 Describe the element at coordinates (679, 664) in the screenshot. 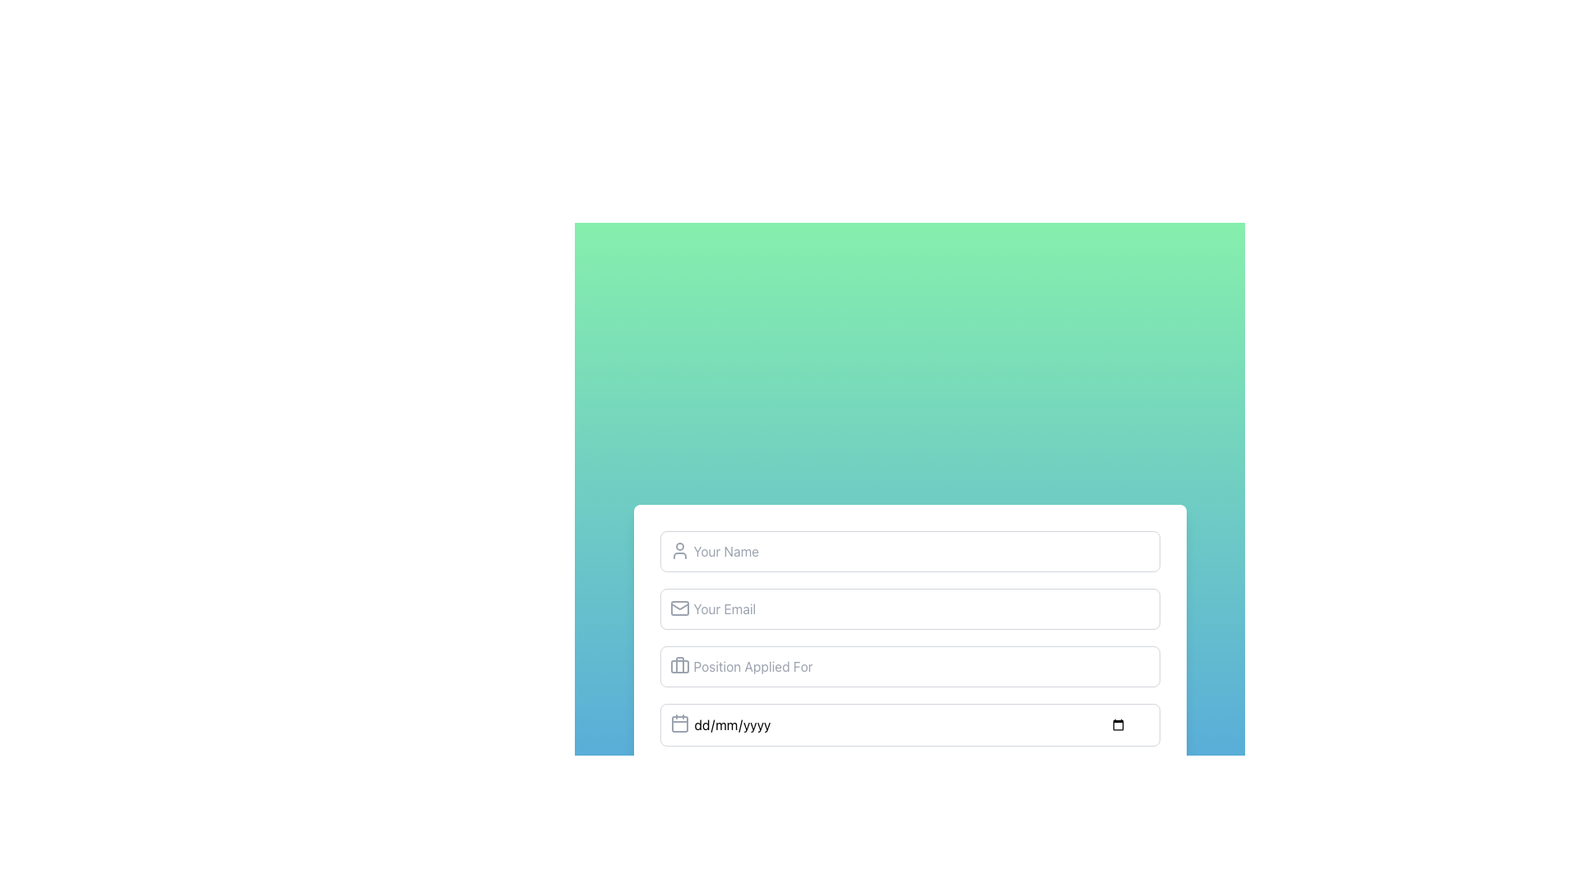

I see `the vertical line resembling the side of a briefcase handle, which is part of the briefcase icon located to the left of the 'Position Applied For' text field` at that location.